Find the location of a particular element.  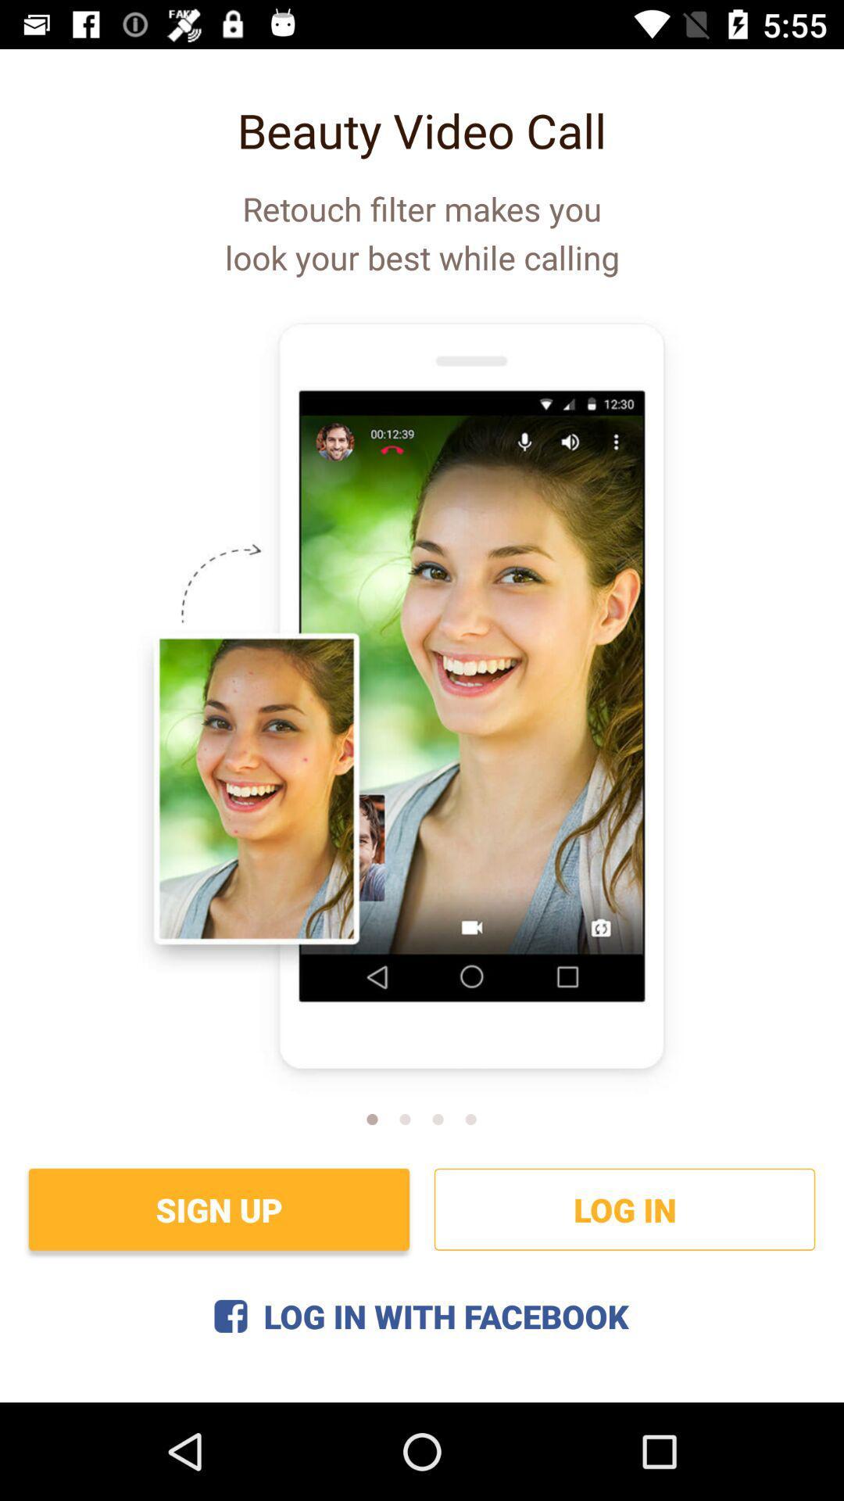

sign up at the bottom left corner is located at coordinates (219, 1209).